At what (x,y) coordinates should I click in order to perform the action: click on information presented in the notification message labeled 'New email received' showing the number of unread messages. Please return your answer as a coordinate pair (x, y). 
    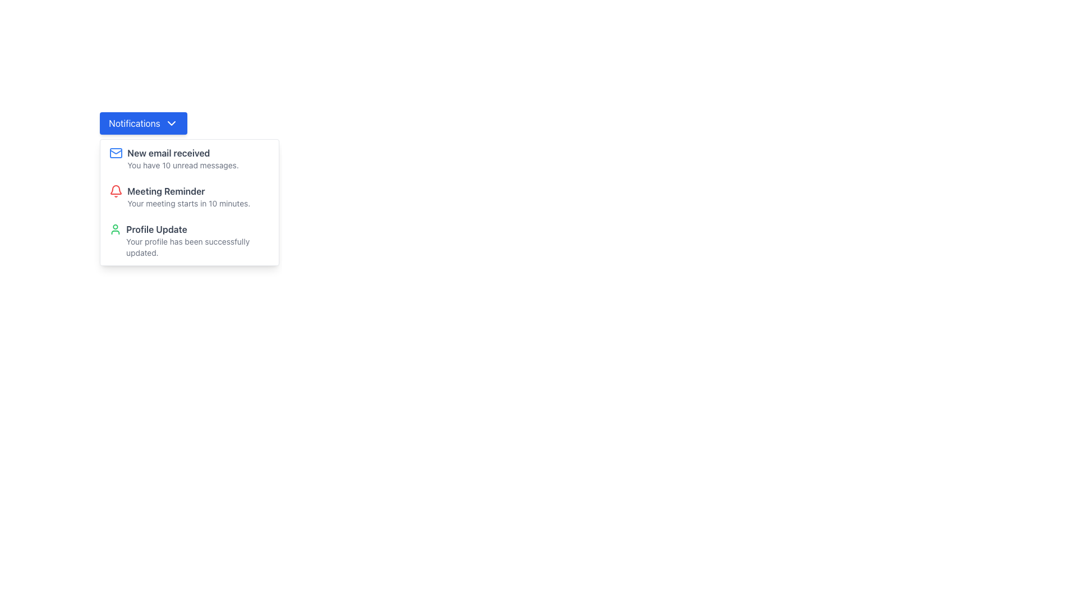
    Looking at the image, I should click on (183, 158).